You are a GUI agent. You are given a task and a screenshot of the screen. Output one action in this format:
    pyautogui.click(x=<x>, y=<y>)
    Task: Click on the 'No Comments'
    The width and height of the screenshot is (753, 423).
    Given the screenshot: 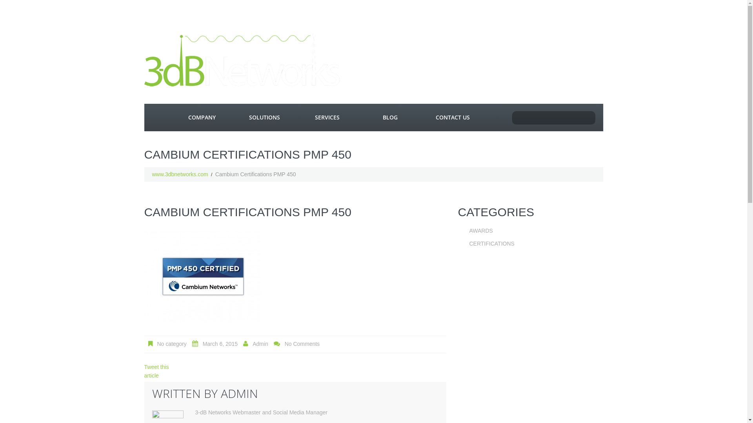 What is the action you would take?
    pyautogui.click(x=302, y=343)
    